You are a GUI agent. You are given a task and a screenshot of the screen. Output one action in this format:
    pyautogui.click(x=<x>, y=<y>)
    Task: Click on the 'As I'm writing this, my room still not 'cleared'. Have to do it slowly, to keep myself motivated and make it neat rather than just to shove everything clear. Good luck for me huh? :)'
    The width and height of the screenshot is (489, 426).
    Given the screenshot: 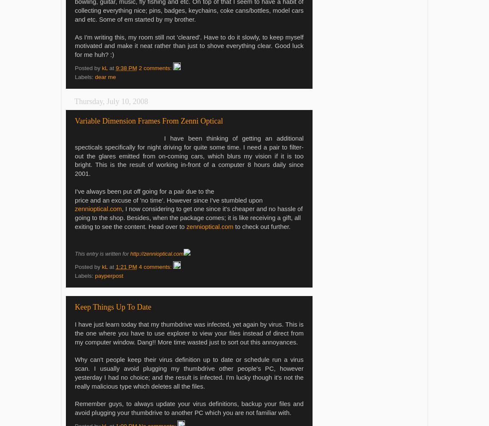 What is the action you would take?
    pyautogui.click(x=189, y=45)
    